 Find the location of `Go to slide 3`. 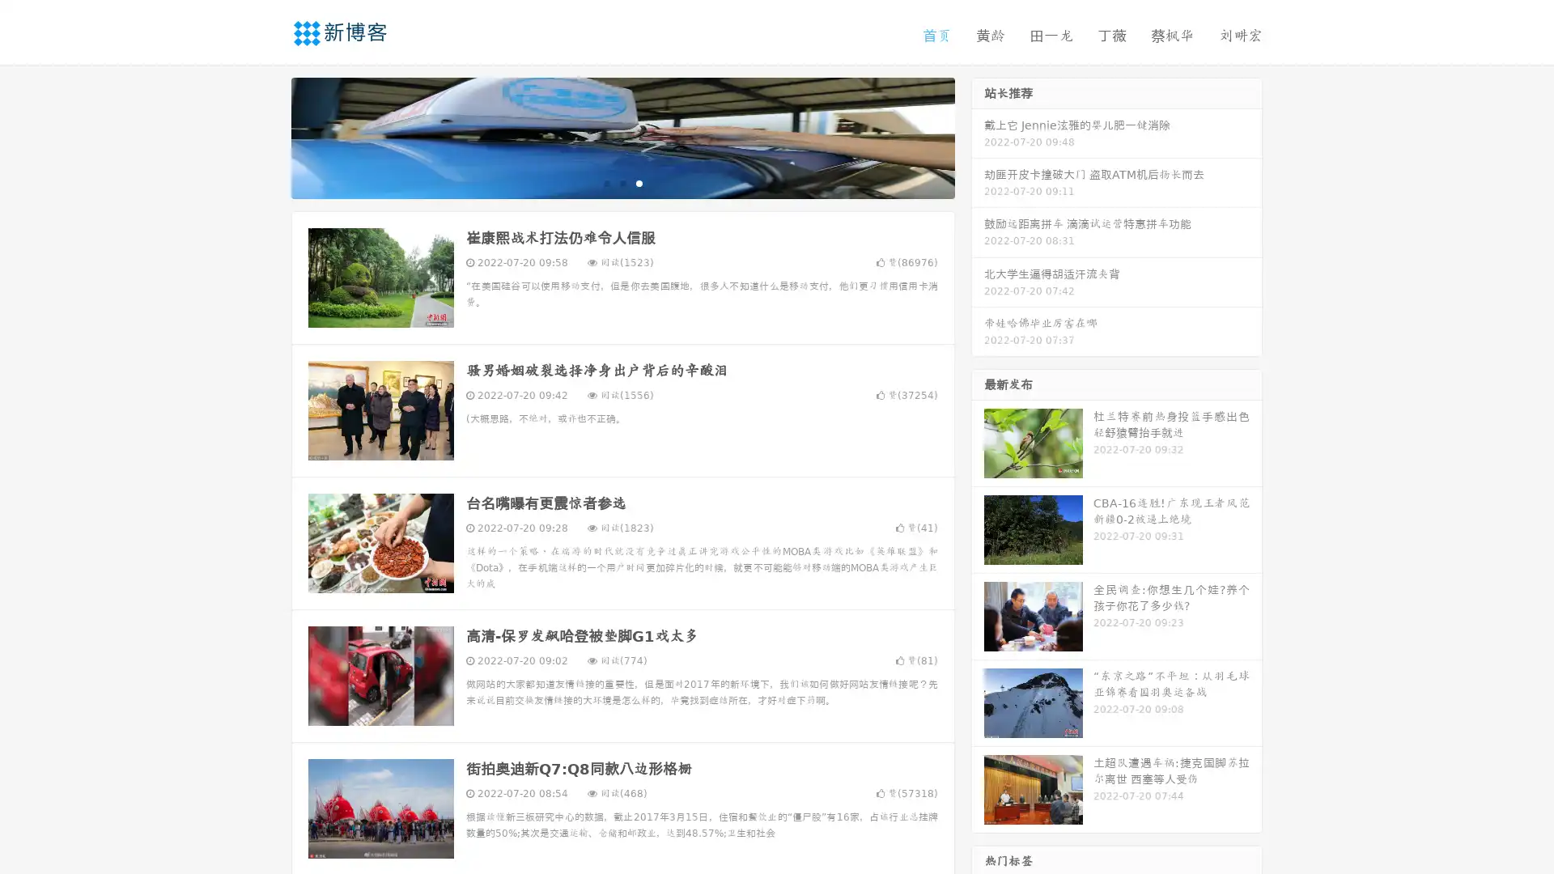

Go to slide 3 is located at coordinates (639, 182).